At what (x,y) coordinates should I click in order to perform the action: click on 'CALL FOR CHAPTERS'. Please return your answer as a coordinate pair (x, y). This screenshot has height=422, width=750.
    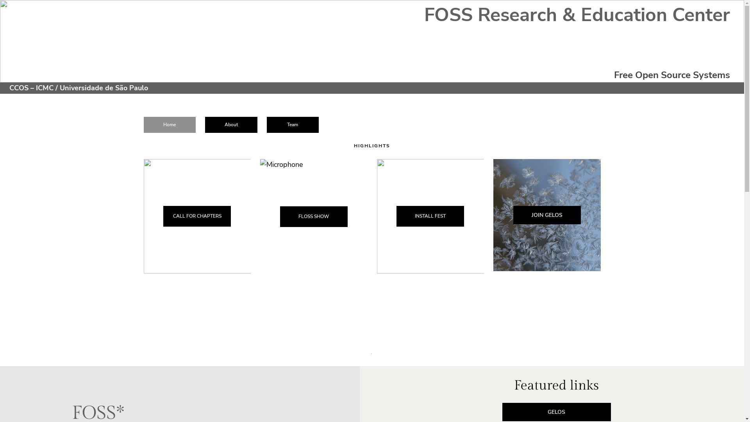
    Looking at the image, I should click on (197, 216).